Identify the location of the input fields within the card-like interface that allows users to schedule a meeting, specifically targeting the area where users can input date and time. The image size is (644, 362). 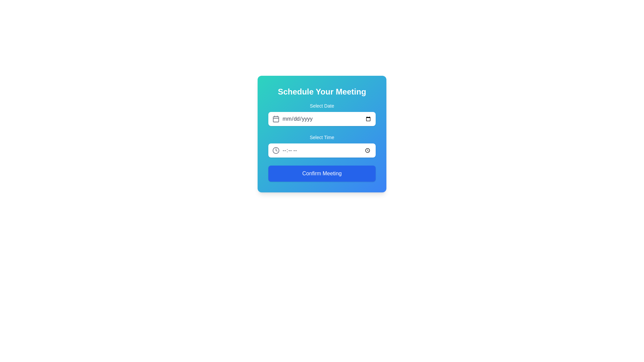
(322, 134).